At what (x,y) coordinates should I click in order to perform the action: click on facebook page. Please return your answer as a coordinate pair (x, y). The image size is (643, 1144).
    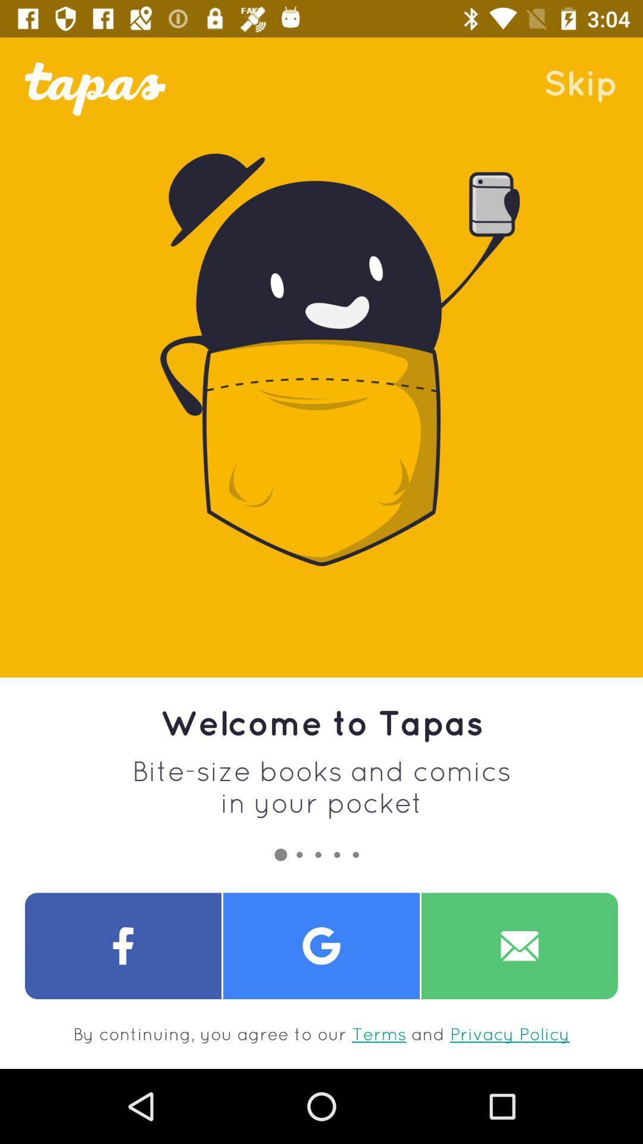
    Looking at the image, I should click on (123, 945).